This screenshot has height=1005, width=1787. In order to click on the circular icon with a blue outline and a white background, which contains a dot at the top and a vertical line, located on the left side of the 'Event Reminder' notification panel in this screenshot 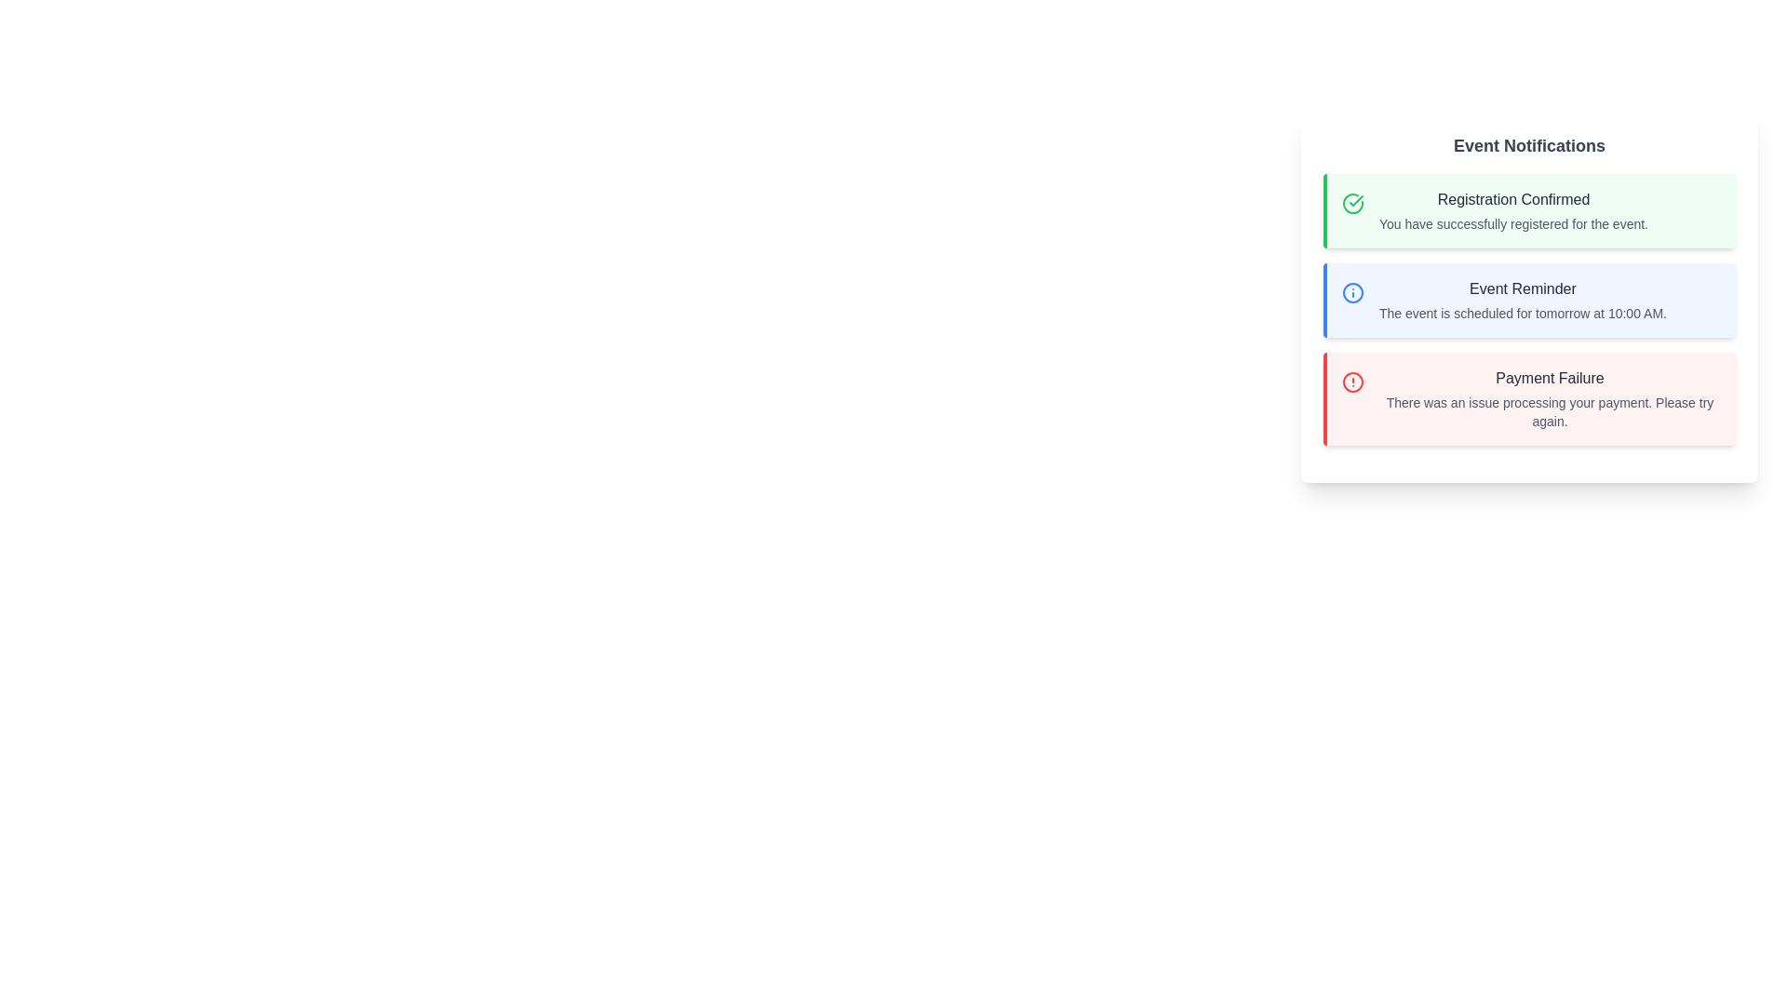, I will do `click(1353, 293)`.